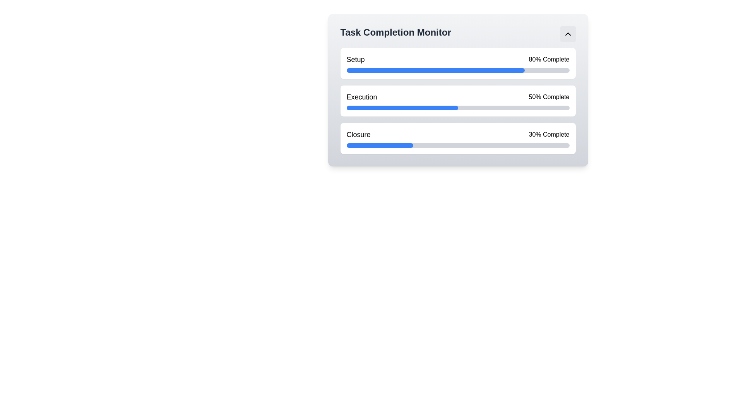 The width and height of the screenshot is (743, 418). What do you see at coordinates (435, 70) in the screenshot?
I see `the filled portion of the progress bar indicating 80% completion for the 'Setup' task in the 'Task Completion Monitor' panel` at bounding box center [435, 70].